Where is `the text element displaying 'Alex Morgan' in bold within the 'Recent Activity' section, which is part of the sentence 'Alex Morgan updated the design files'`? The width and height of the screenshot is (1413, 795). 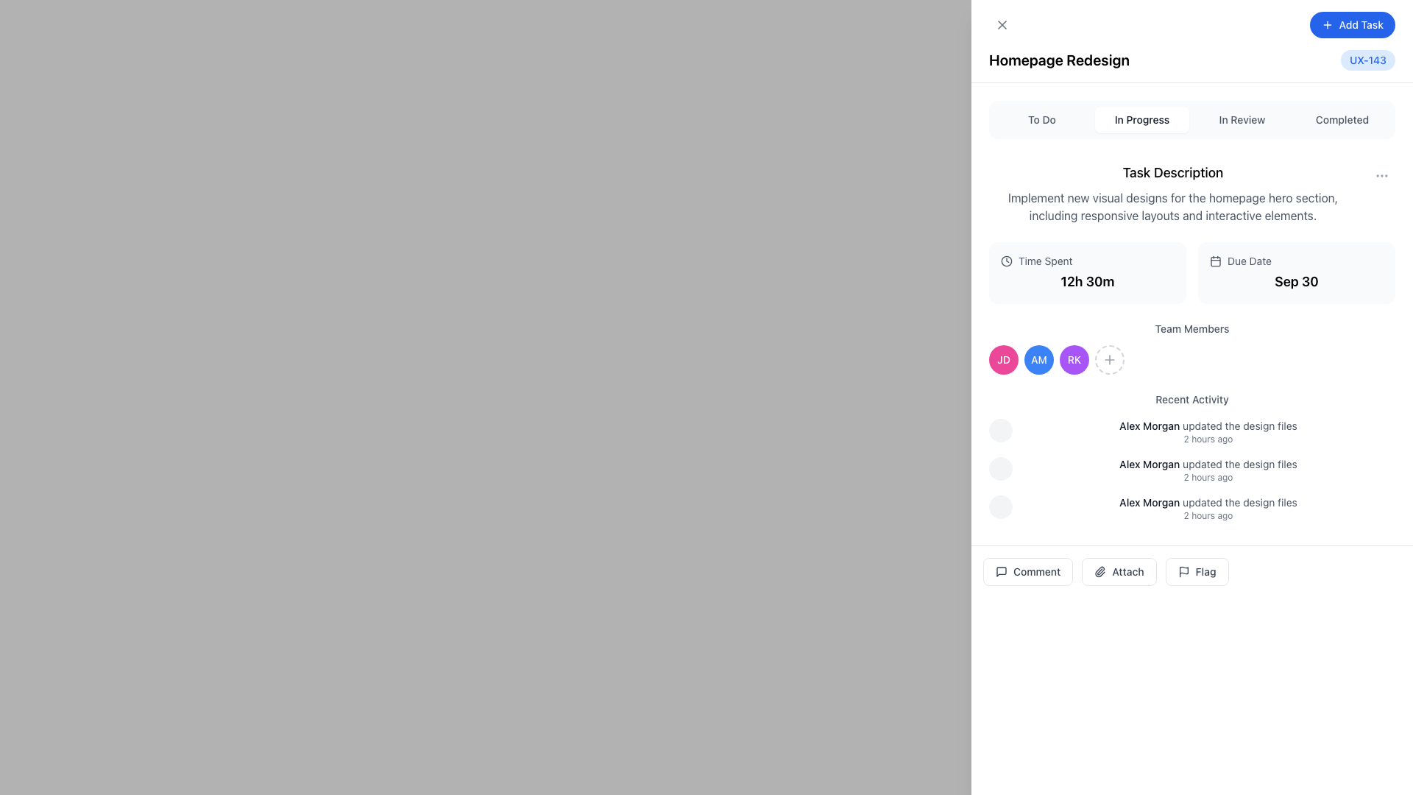 the text element displaying 'Alex Morgan' in bold within the 'Recent Activity' section, which is part of the sentence 'Alex Morgan updated the design files' is located at coordinates (1149, 464).